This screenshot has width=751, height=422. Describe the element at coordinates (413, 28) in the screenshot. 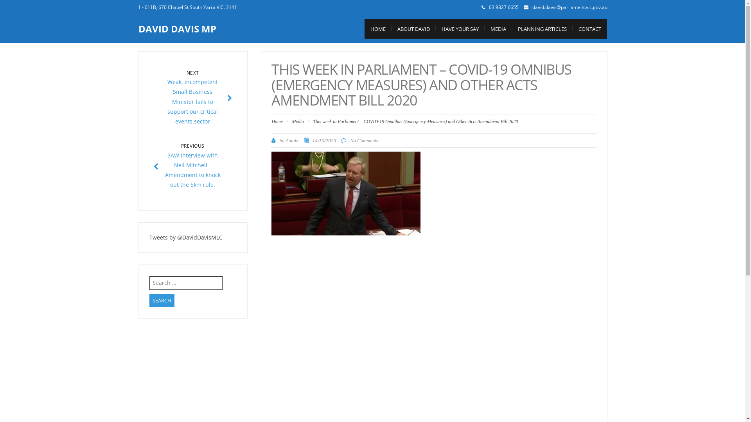

I see `'ABOUT DAVID'` at that location.